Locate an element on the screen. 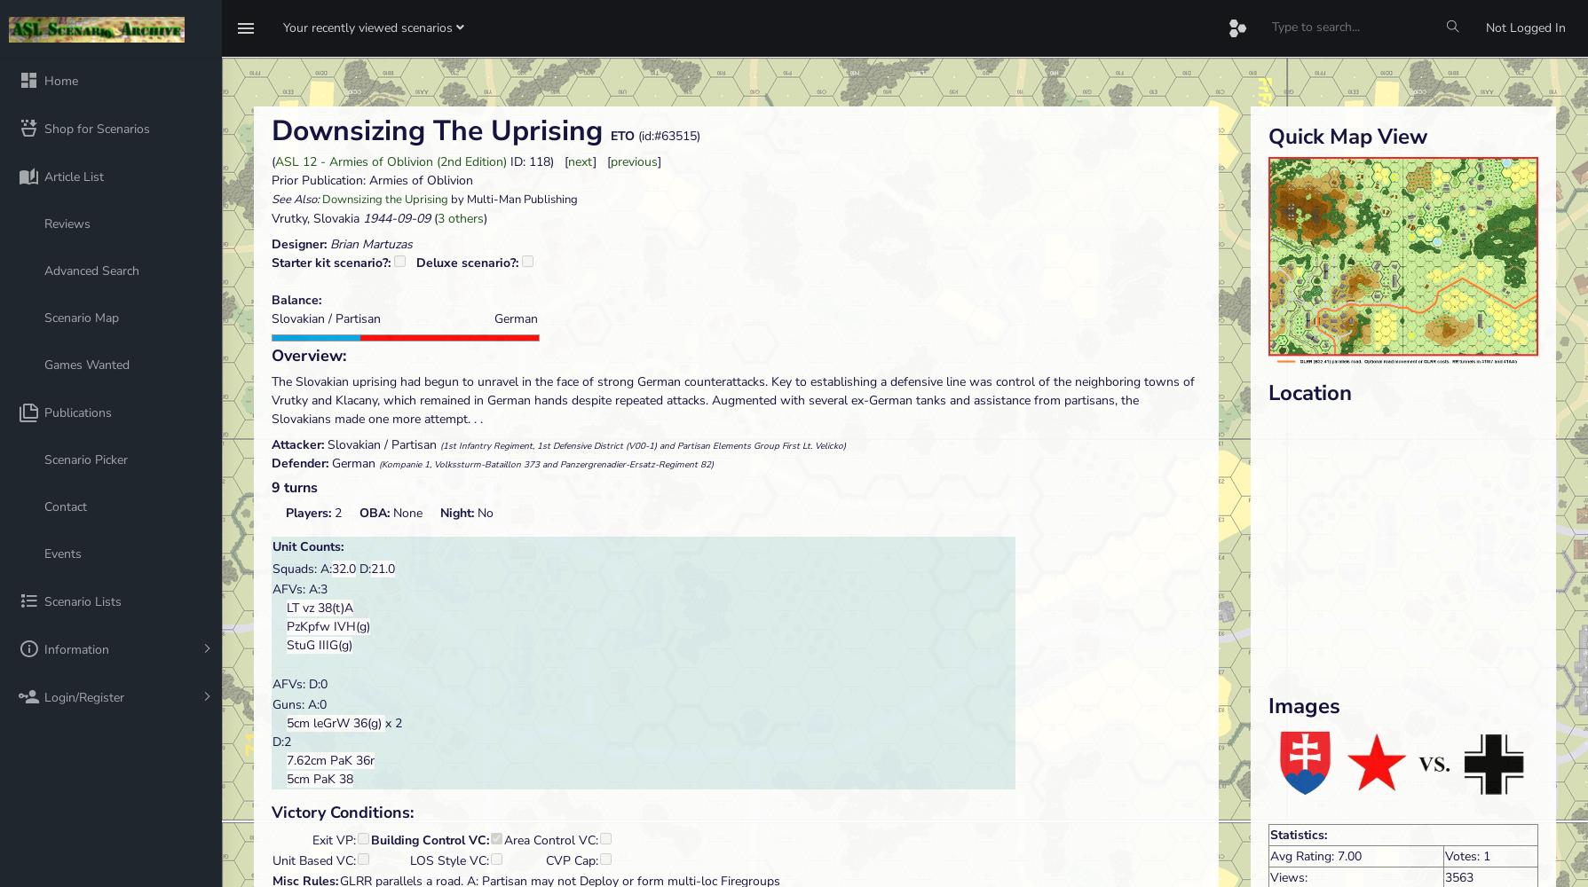 The width and height of the screenshot is (1588, 887). 'Brian Martuzas' is located at coordinates (370, 243).